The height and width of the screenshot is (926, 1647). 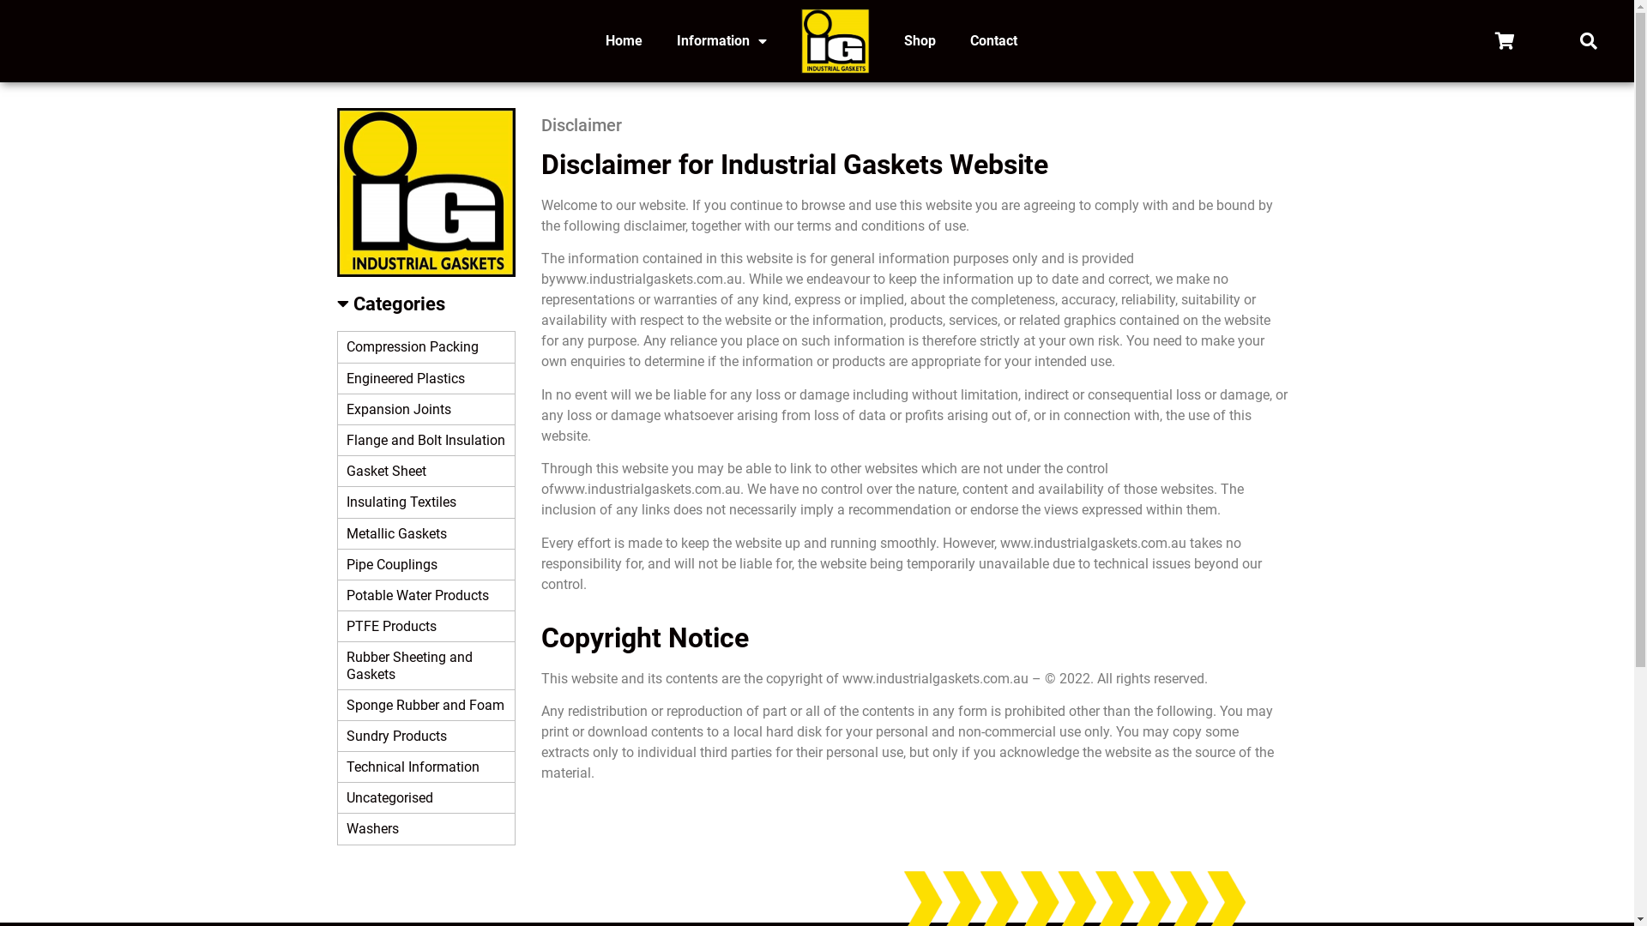 What do you see at coordinates (426, 565) in the screenshot?
I see `'Pipe Couplings'` at bounding box center [426, 565].